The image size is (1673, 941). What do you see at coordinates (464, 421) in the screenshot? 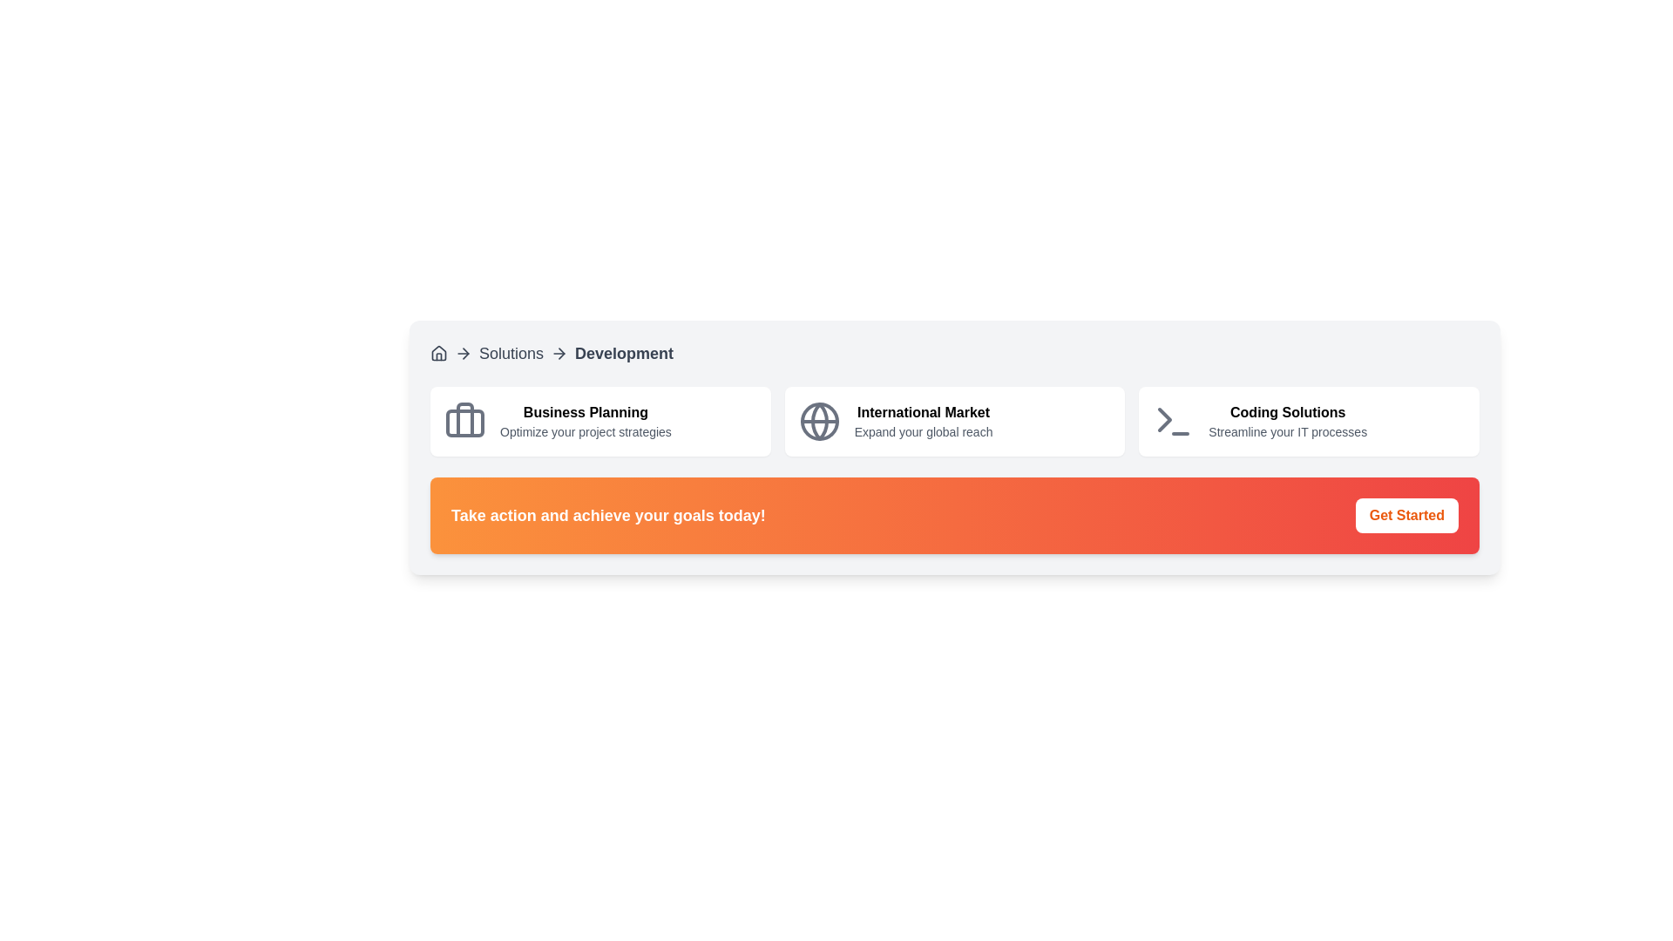
I see `the gray minimalistic briefcase icon located at the leftmost side of the 'Business Planning' section, above the text 'Optimize your project strategies'` at bounding box center [464, 421].